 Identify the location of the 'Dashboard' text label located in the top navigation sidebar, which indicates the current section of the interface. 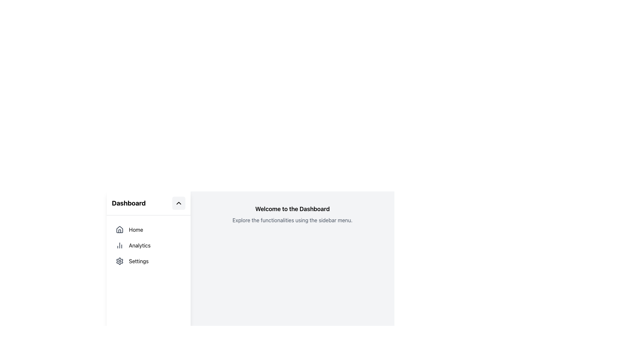
(129, 203).